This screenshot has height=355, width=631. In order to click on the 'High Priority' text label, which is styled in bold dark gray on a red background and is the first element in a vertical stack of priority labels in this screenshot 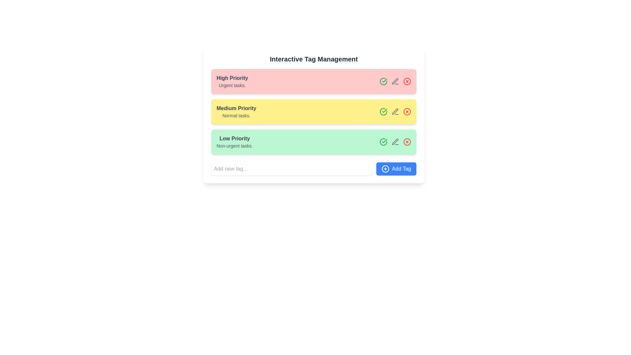, I will do `click(232, 78)`.